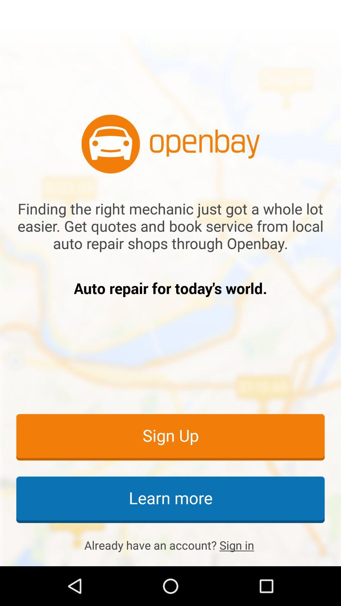 Image resolution: width=341 pixels, height=606 pixels. What do you see at coordinates (170, 499) in the screenshot?
I see `icon below sign up icon` at bounding box center [170, 499].